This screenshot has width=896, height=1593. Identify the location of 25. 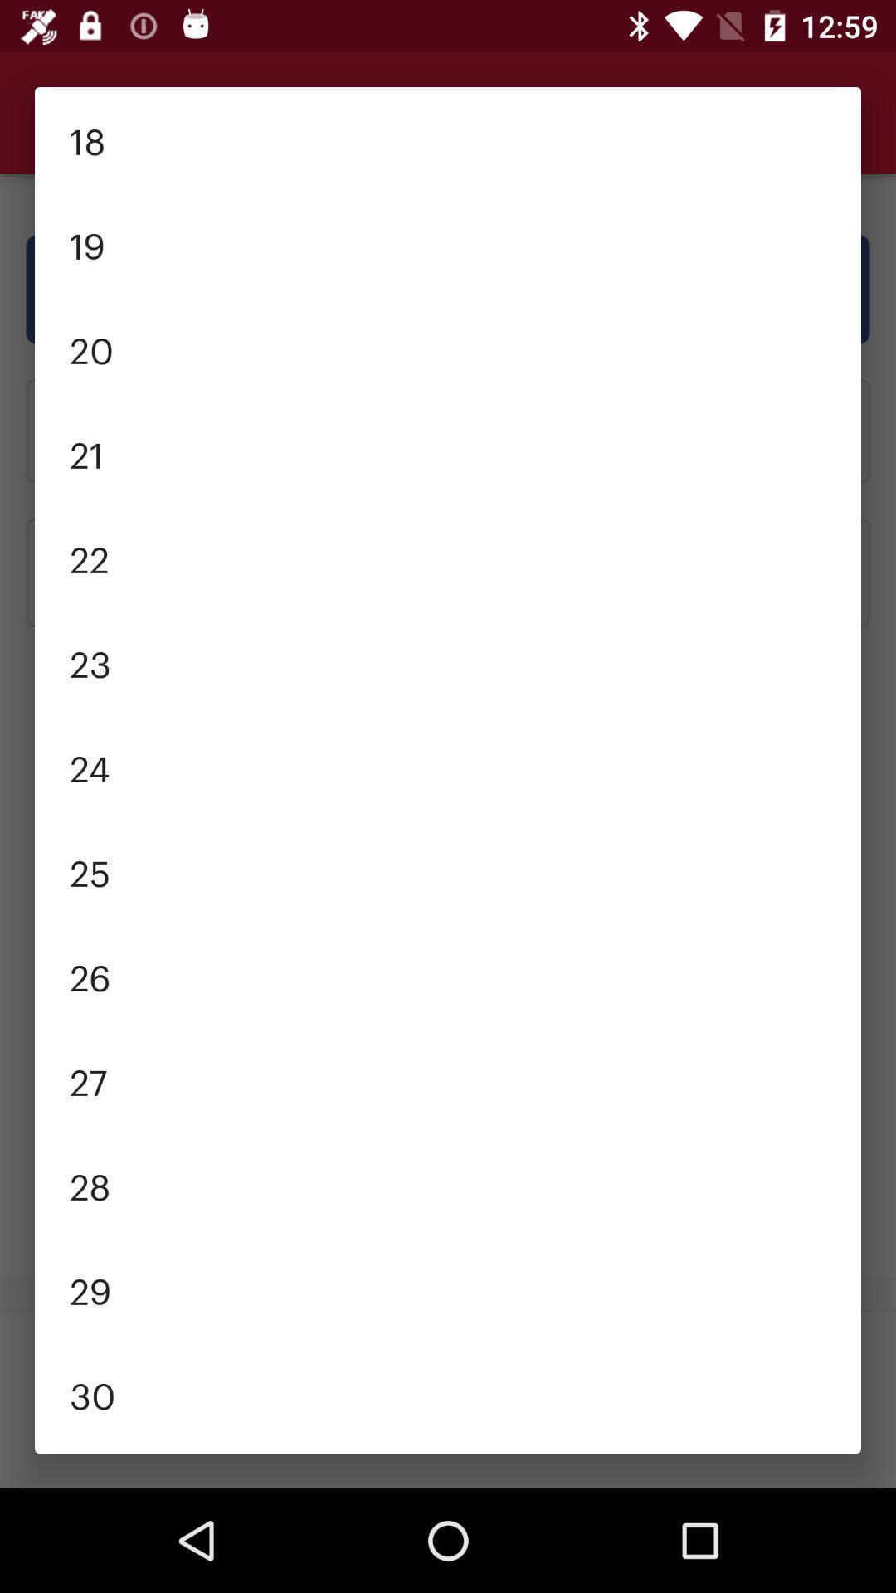
(448, 870).